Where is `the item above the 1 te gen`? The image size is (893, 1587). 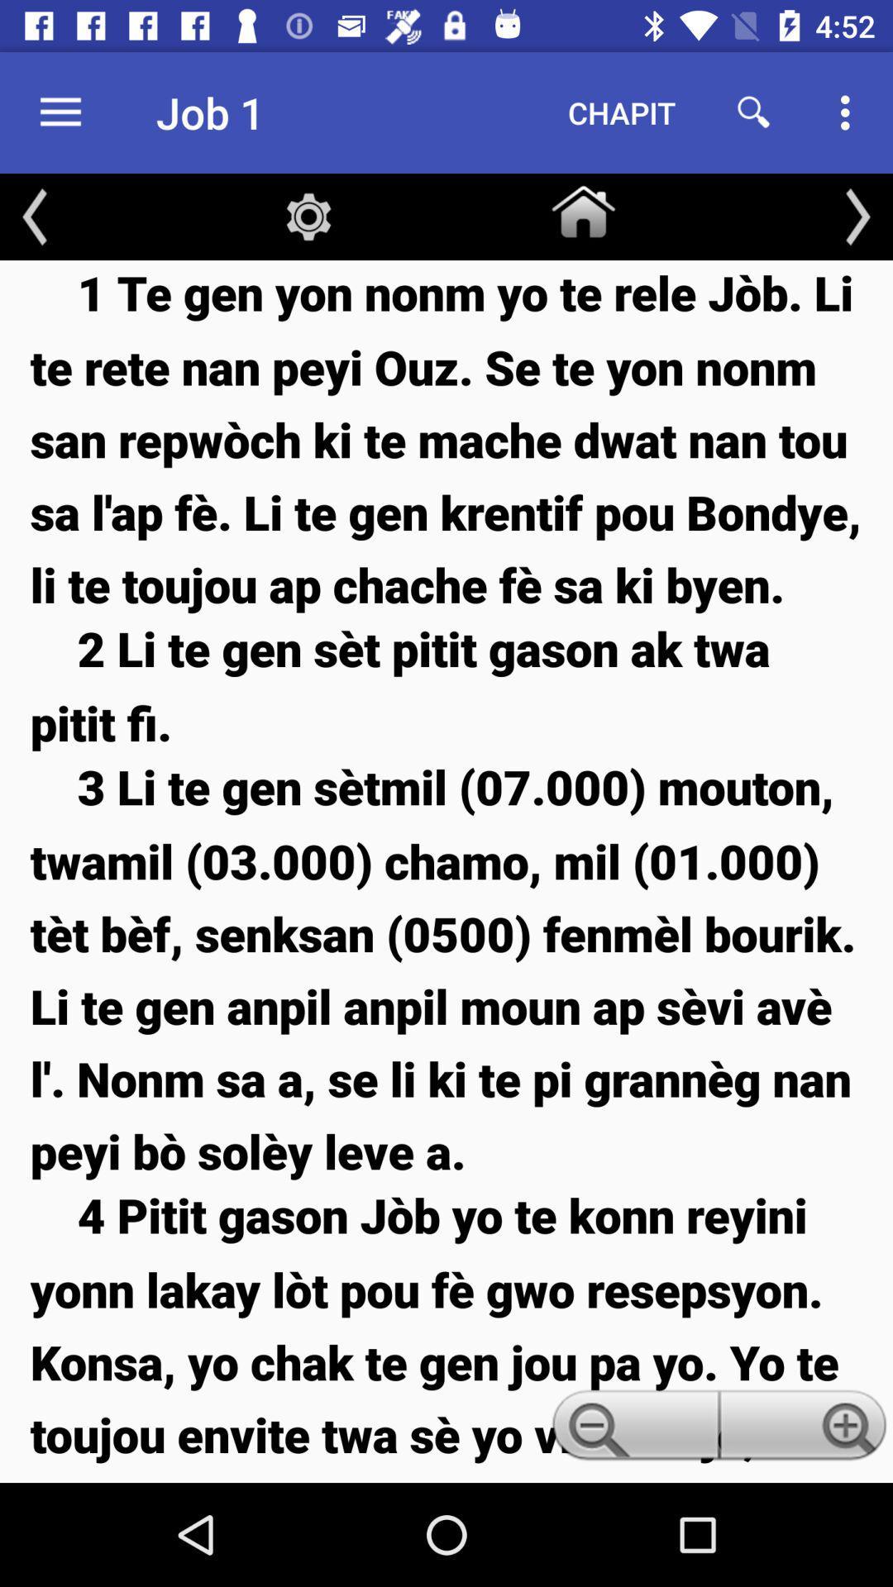 the item above the 1 te gen is located at coordinates (308, 216).